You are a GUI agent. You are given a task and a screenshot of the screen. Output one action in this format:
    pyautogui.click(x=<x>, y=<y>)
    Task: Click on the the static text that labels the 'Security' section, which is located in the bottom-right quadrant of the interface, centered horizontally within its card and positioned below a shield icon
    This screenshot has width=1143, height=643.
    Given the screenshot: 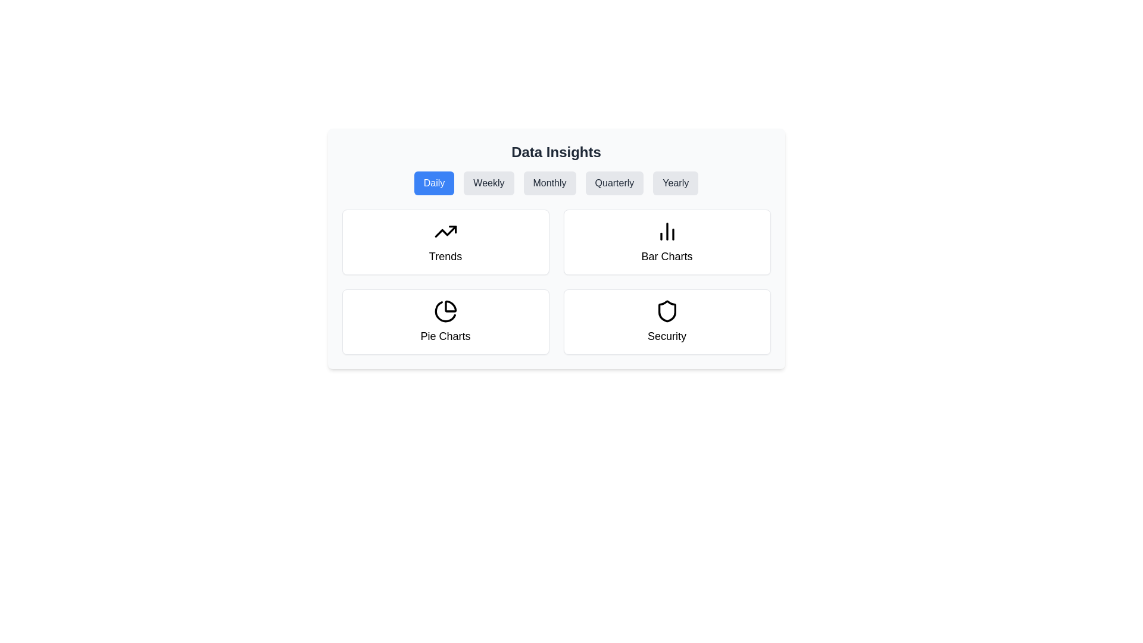 What is the action you would take?
    pyautogui.click(x=667, y=336)
    